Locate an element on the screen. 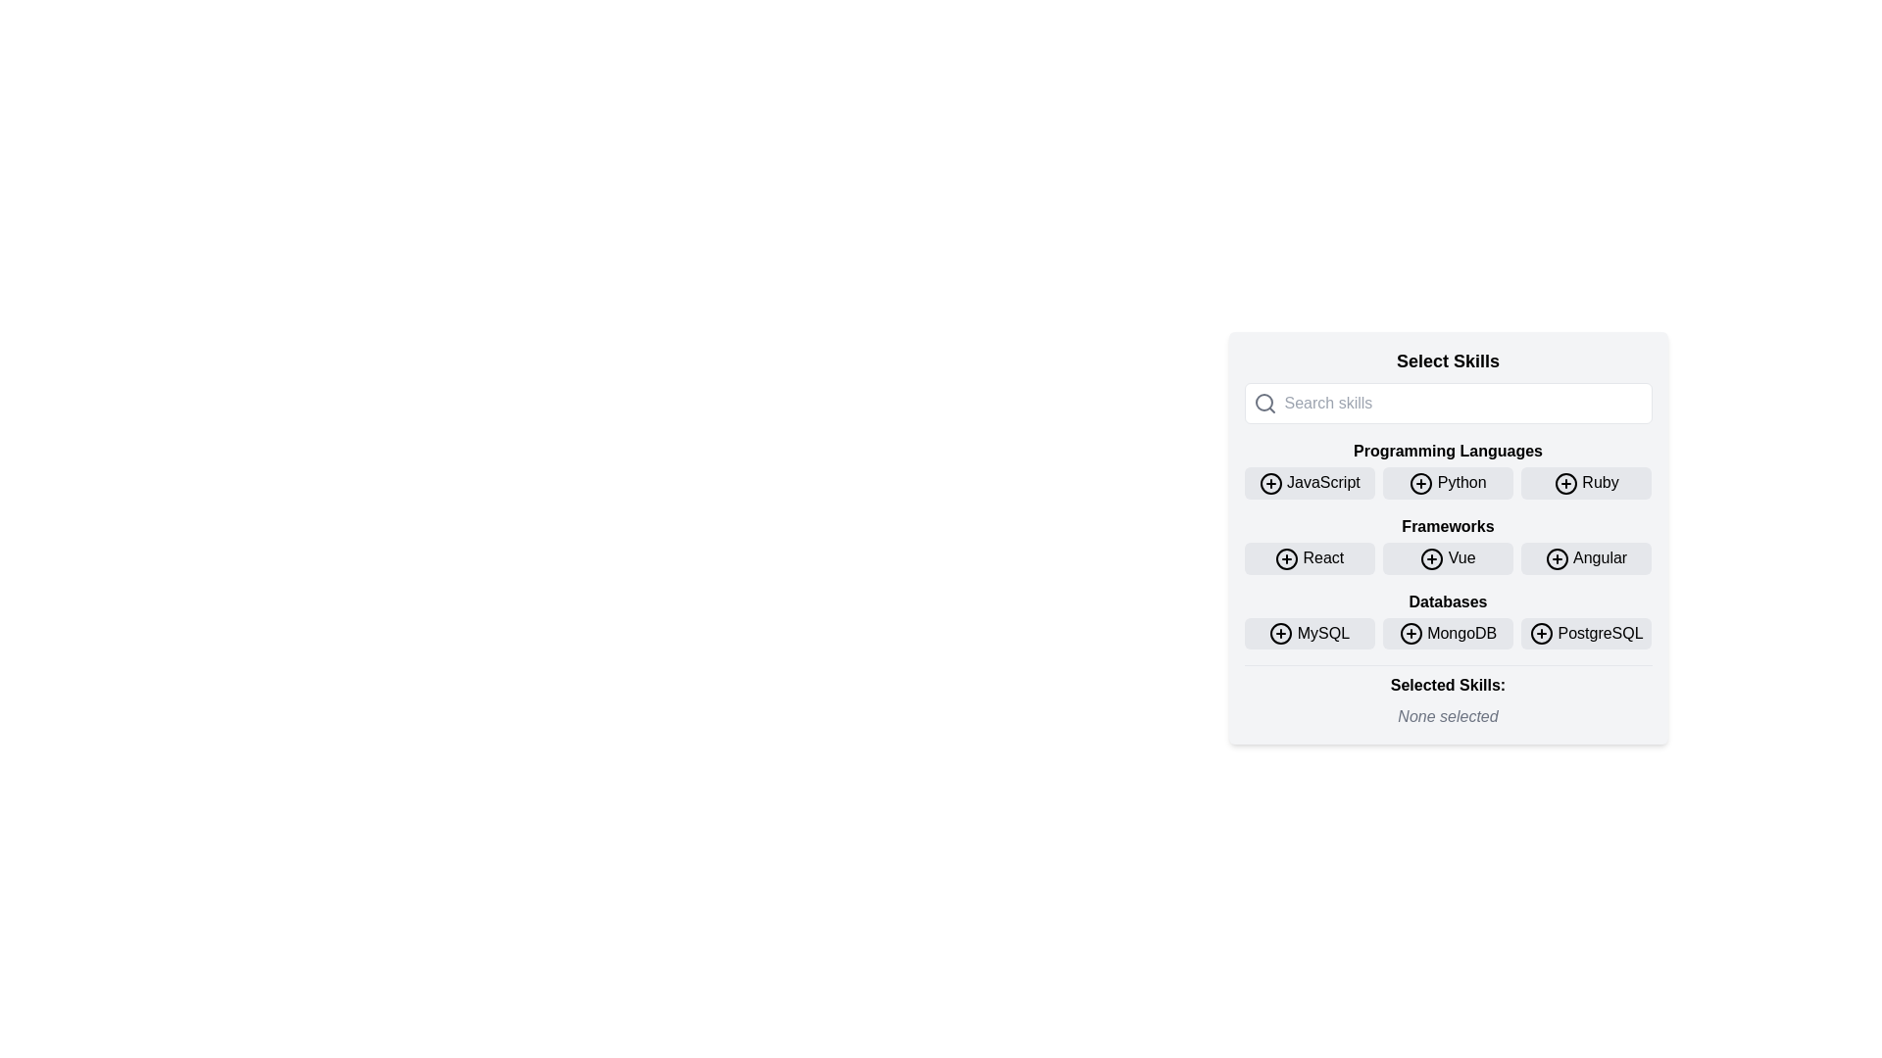 This screenshot has height=1058, width=1882. the 'Vue' button element is located at coordinates (1448, 558).